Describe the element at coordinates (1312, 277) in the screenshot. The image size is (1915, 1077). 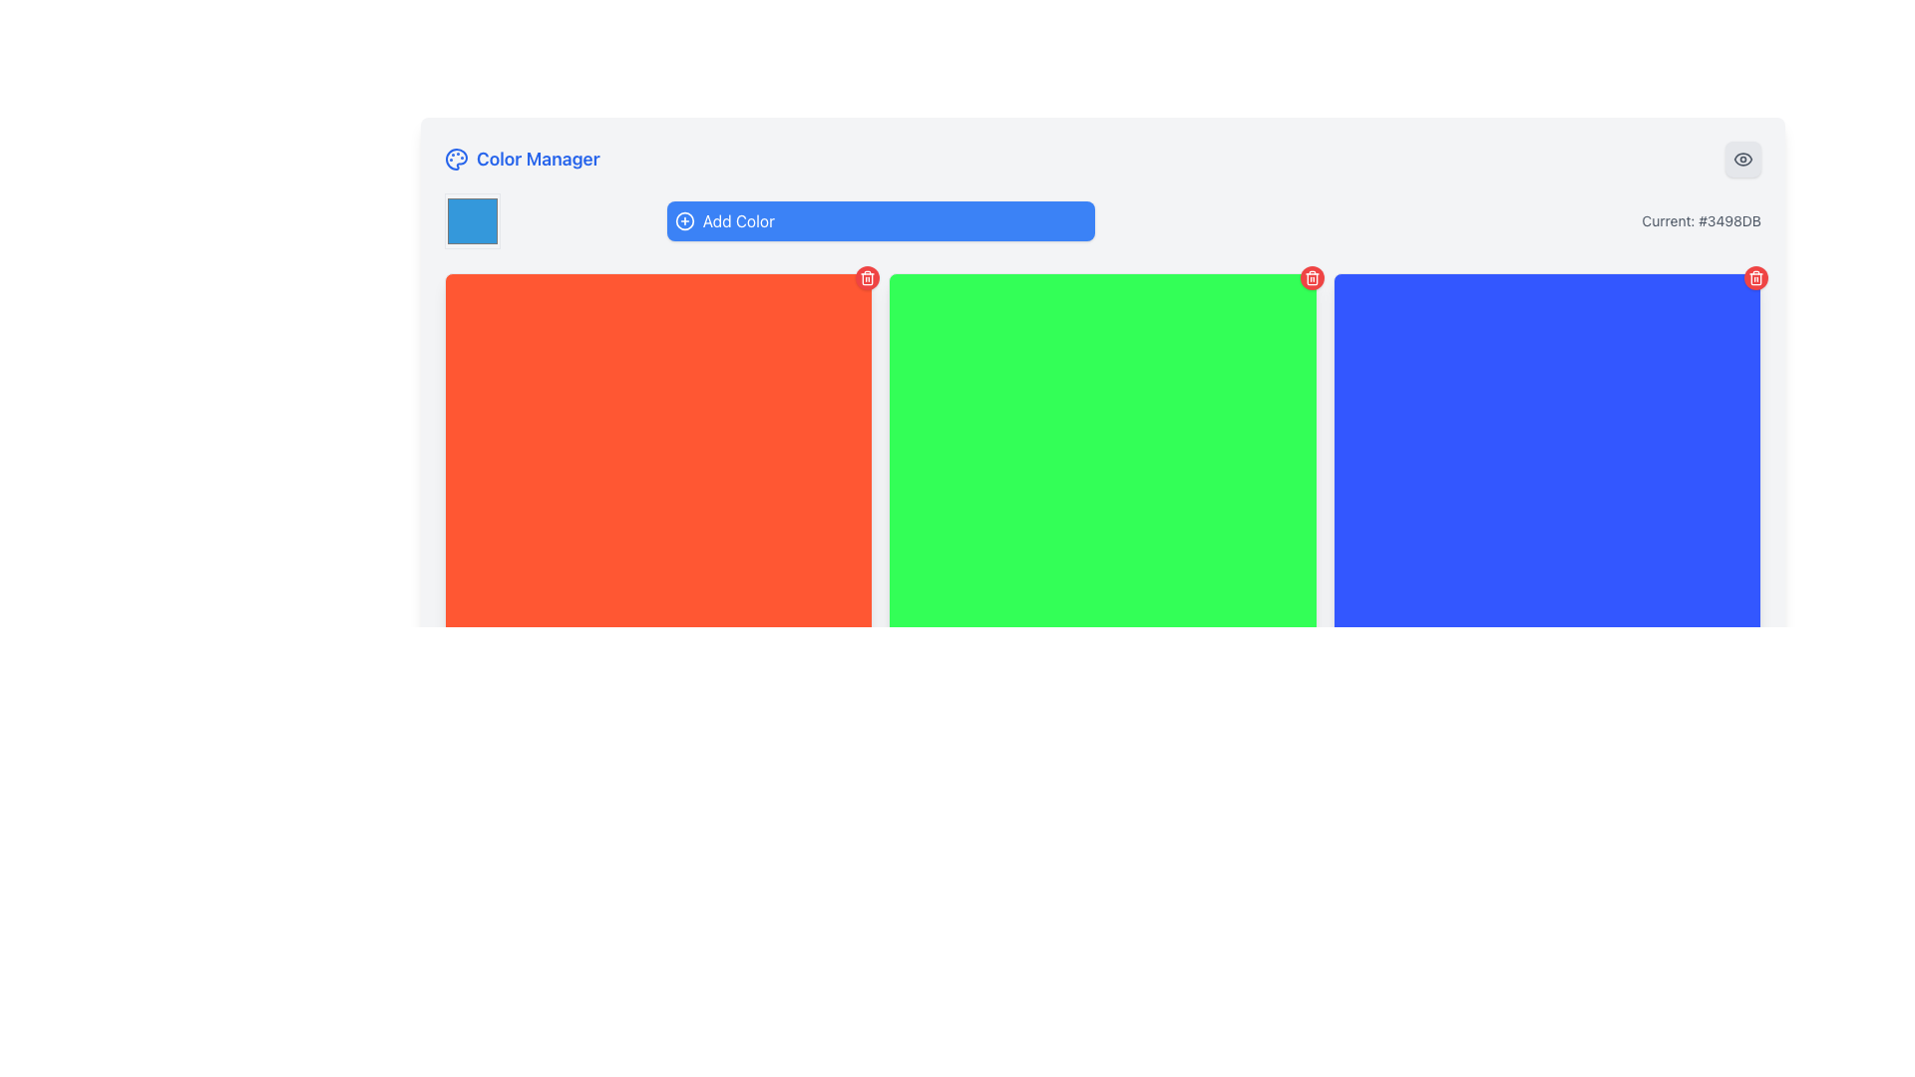
I see `the trash can icon located in the top-right corner of the middle green-colored block` at that location.